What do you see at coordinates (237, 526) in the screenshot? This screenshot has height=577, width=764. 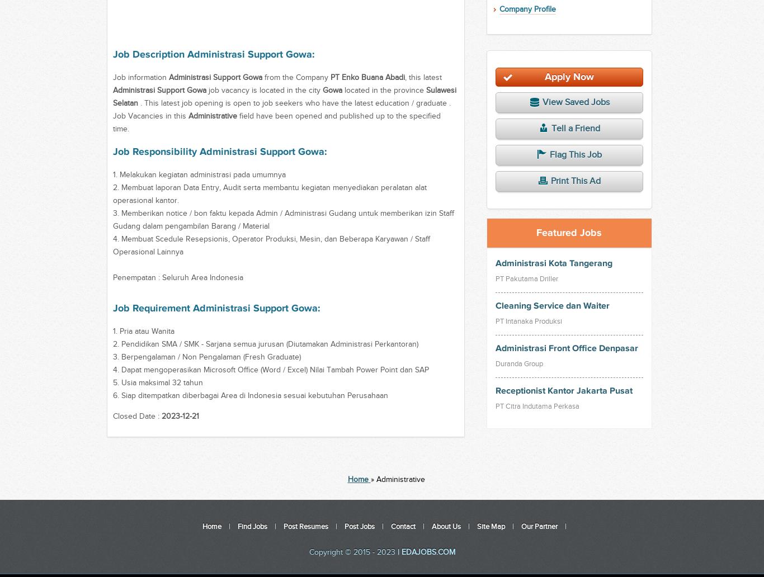 I see `'Find Jobs'` at bounding box center [237, 526].